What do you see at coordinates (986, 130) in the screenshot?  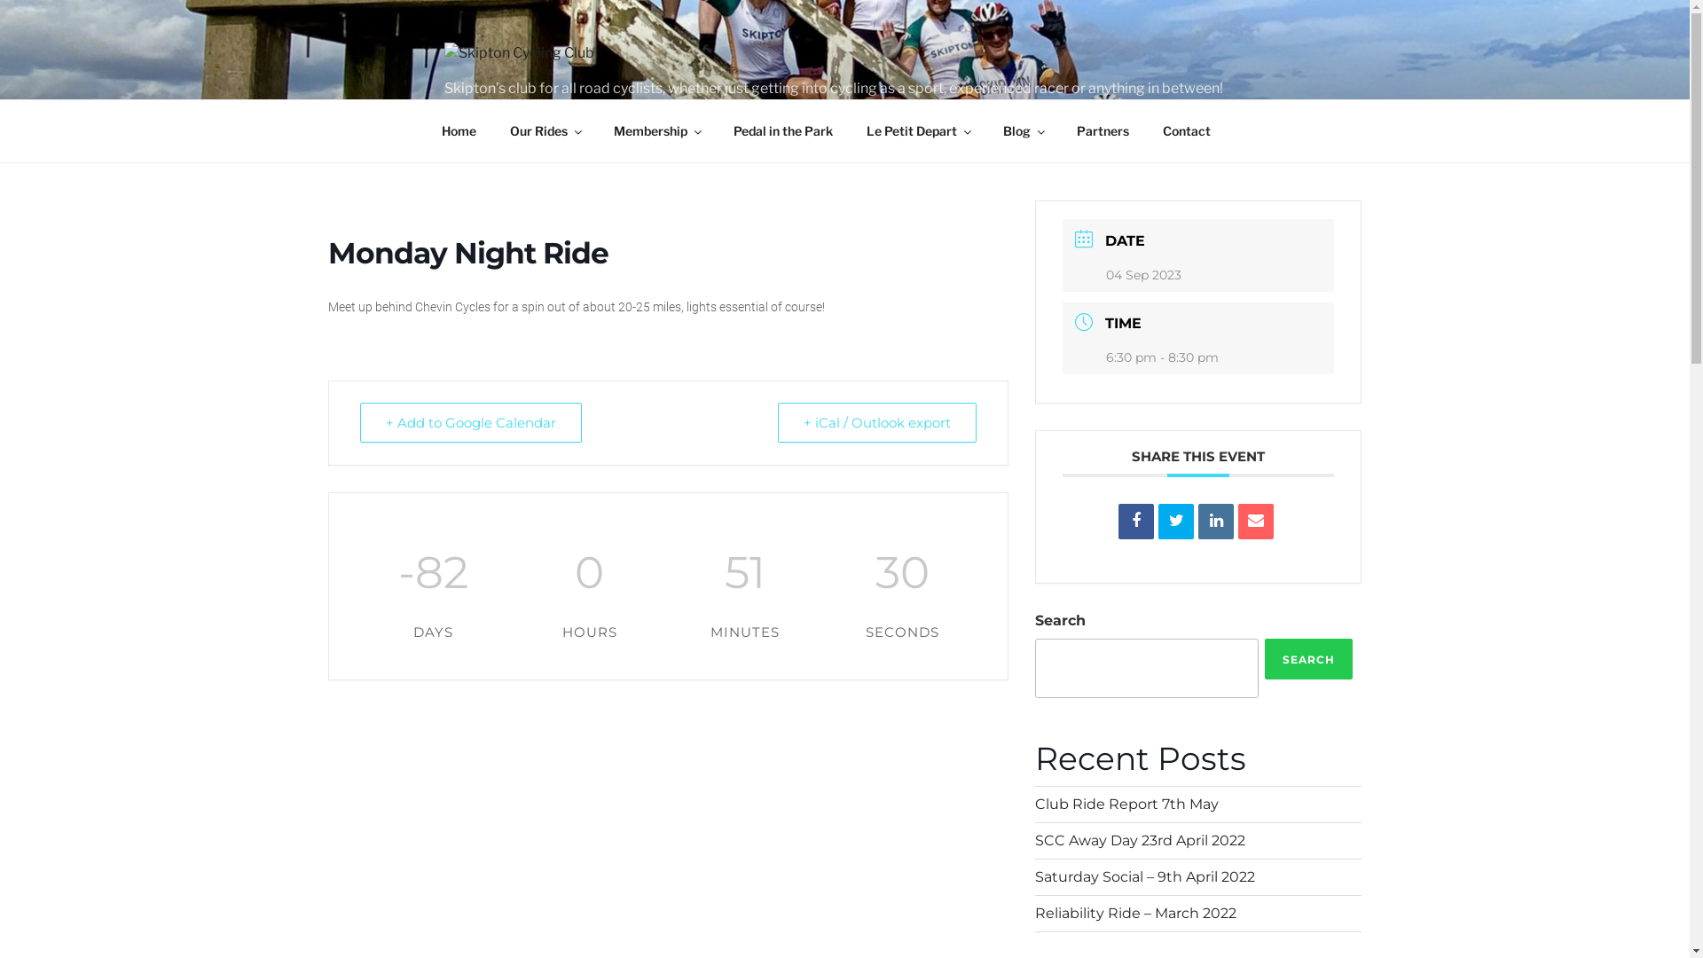 I see `'Blog'` at bounding box center [986, 130].